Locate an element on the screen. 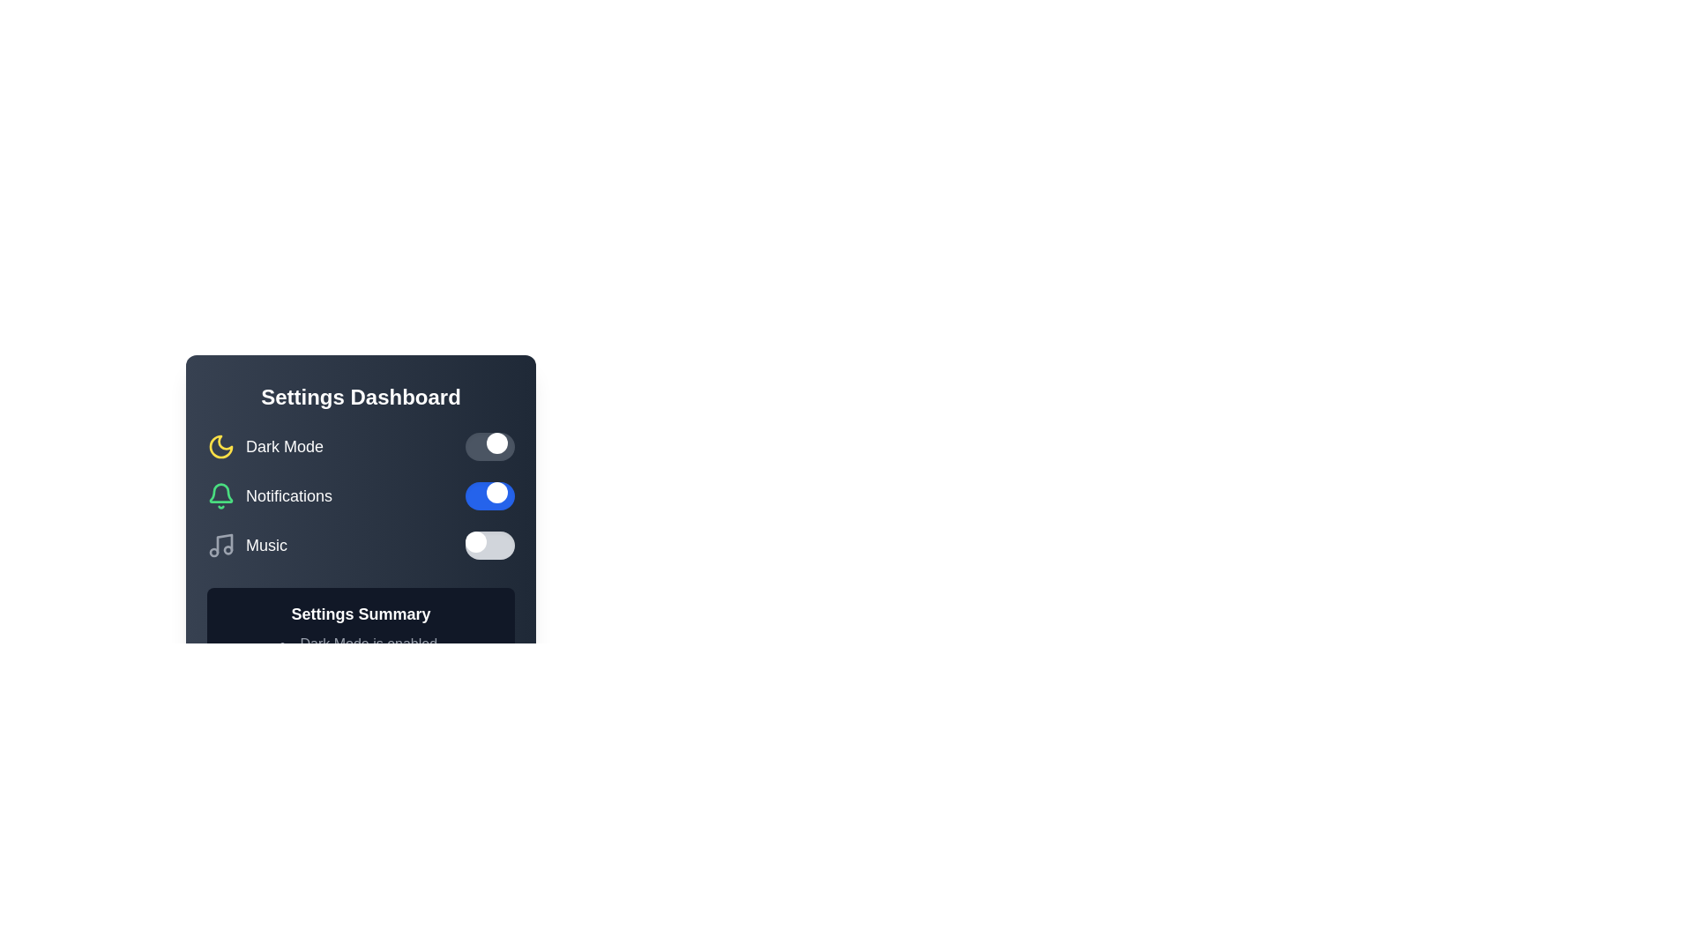 This screenshot has width=1693, height=952. label text for the dark mode toggle, which is located at the top-left of the settings panel and is the first item in the vertical list of options is located at coordinates (265, 445).